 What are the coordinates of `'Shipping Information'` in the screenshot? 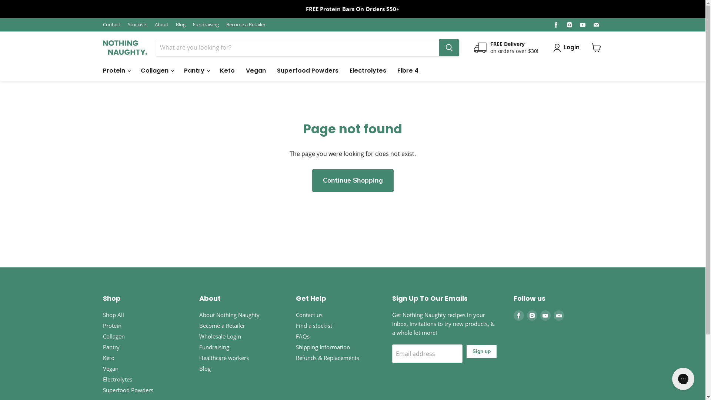 It's located at (322, 347).